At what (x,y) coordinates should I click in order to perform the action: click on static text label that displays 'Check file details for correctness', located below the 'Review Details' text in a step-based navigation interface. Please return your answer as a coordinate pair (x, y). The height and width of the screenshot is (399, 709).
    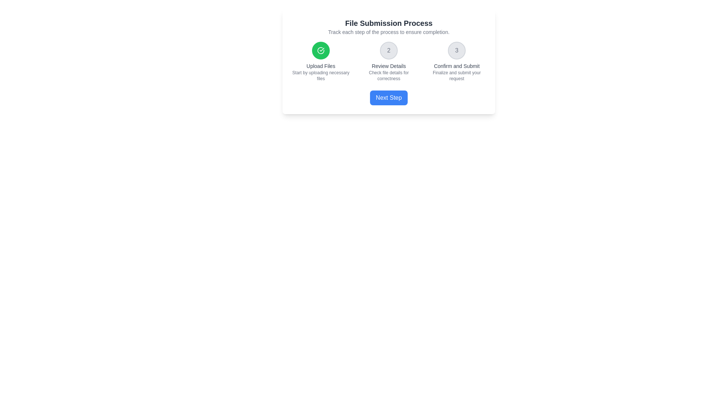
    Looking at the image, I should click on (388, 75).